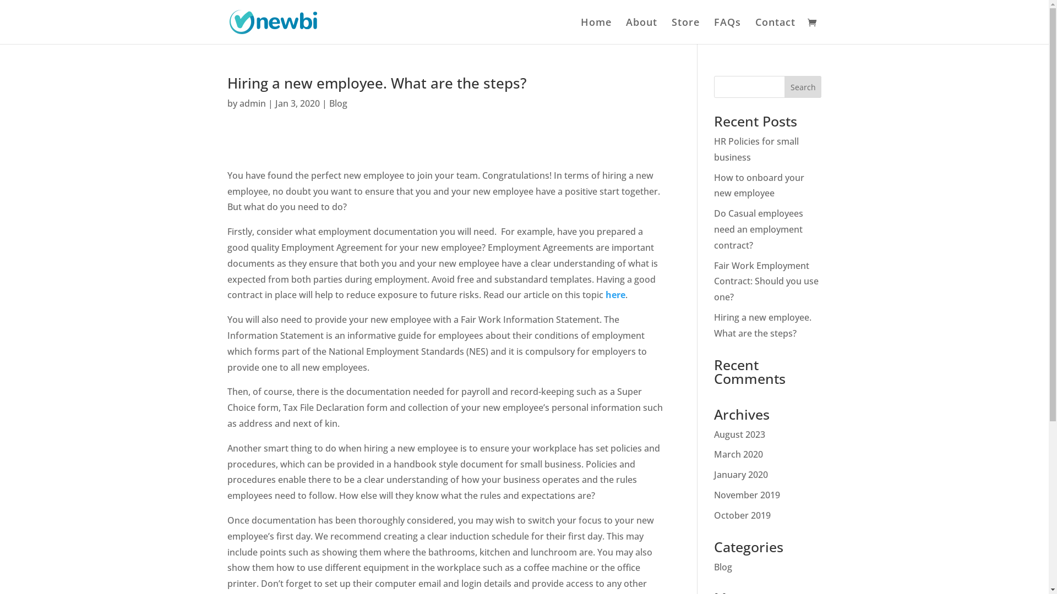 This screenshot has height=594, width=1057. What do you see at coordinates (747, 494) in the screenshot?
I see `'November 2019'` at bounding box center [747, 494].